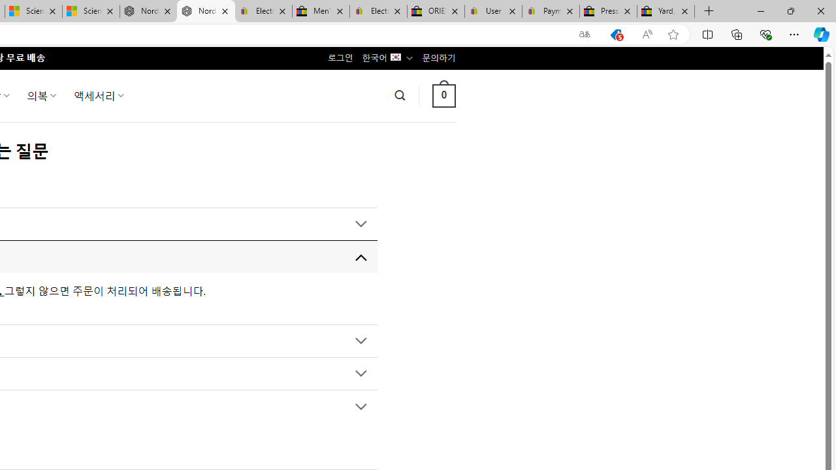  I want to click on ' 0 ', so click(443, 95).